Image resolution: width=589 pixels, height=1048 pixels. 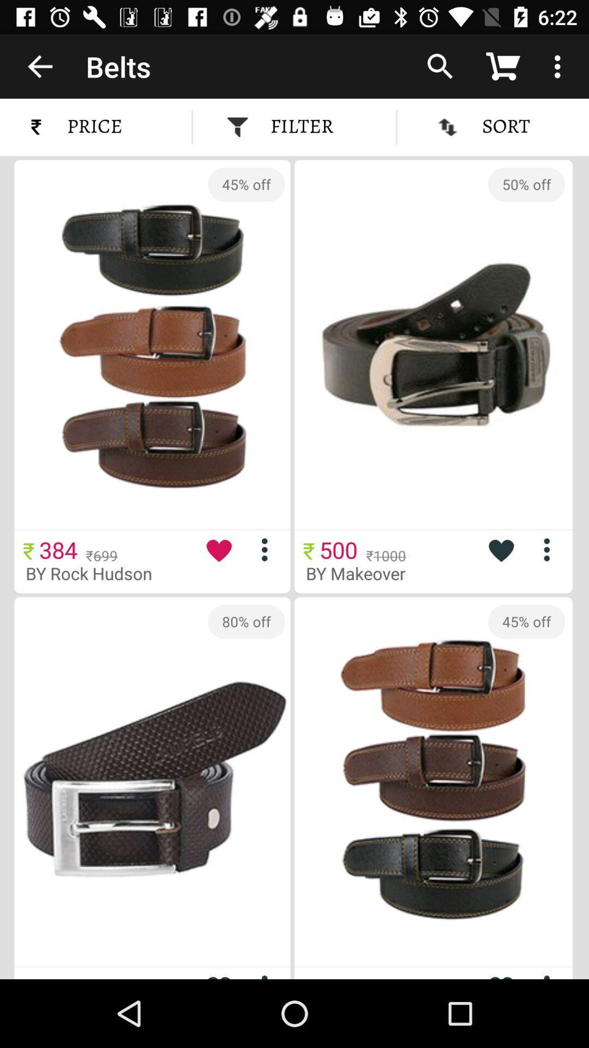 I want to click on item to the left of the belts app, so click(x=39, y=65).